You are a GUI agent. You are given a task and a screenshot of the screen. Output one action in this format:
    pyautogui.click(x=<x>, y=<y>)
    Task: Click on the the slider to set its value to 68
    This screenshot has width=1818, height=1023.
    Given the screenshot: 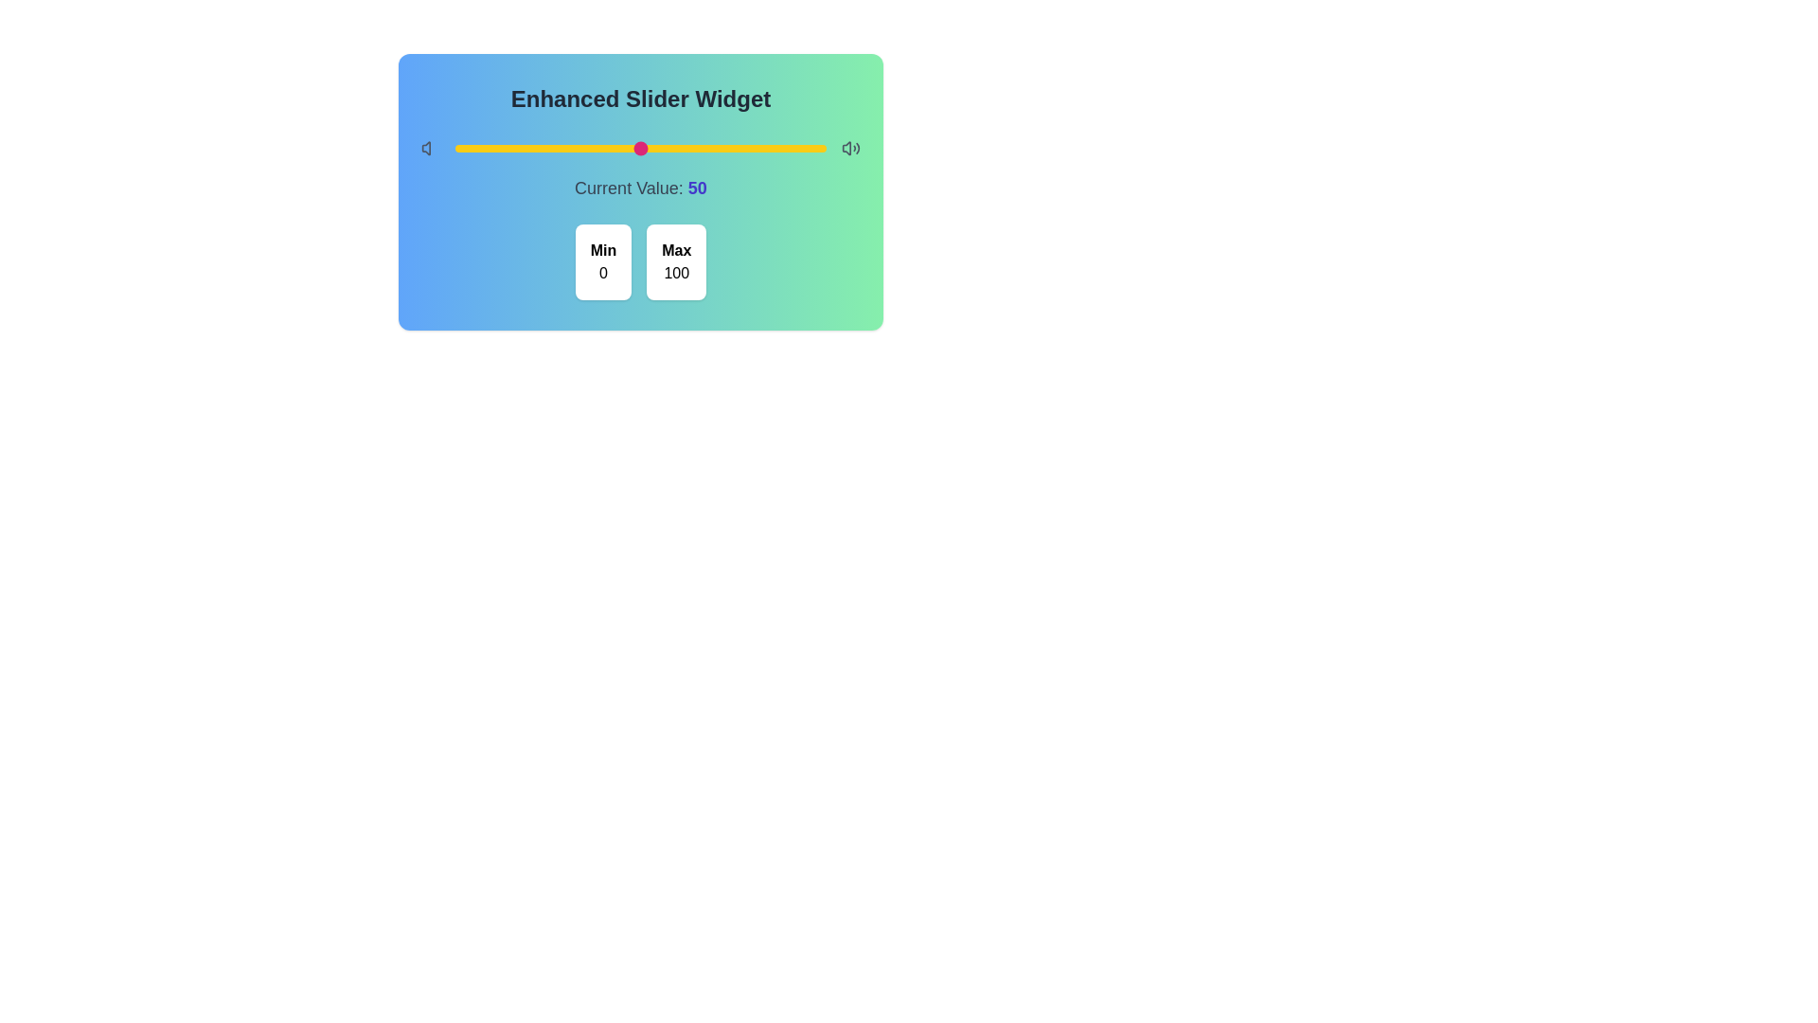 What is the action you would take?
    pyautogui.click(x=706, y=148)
    